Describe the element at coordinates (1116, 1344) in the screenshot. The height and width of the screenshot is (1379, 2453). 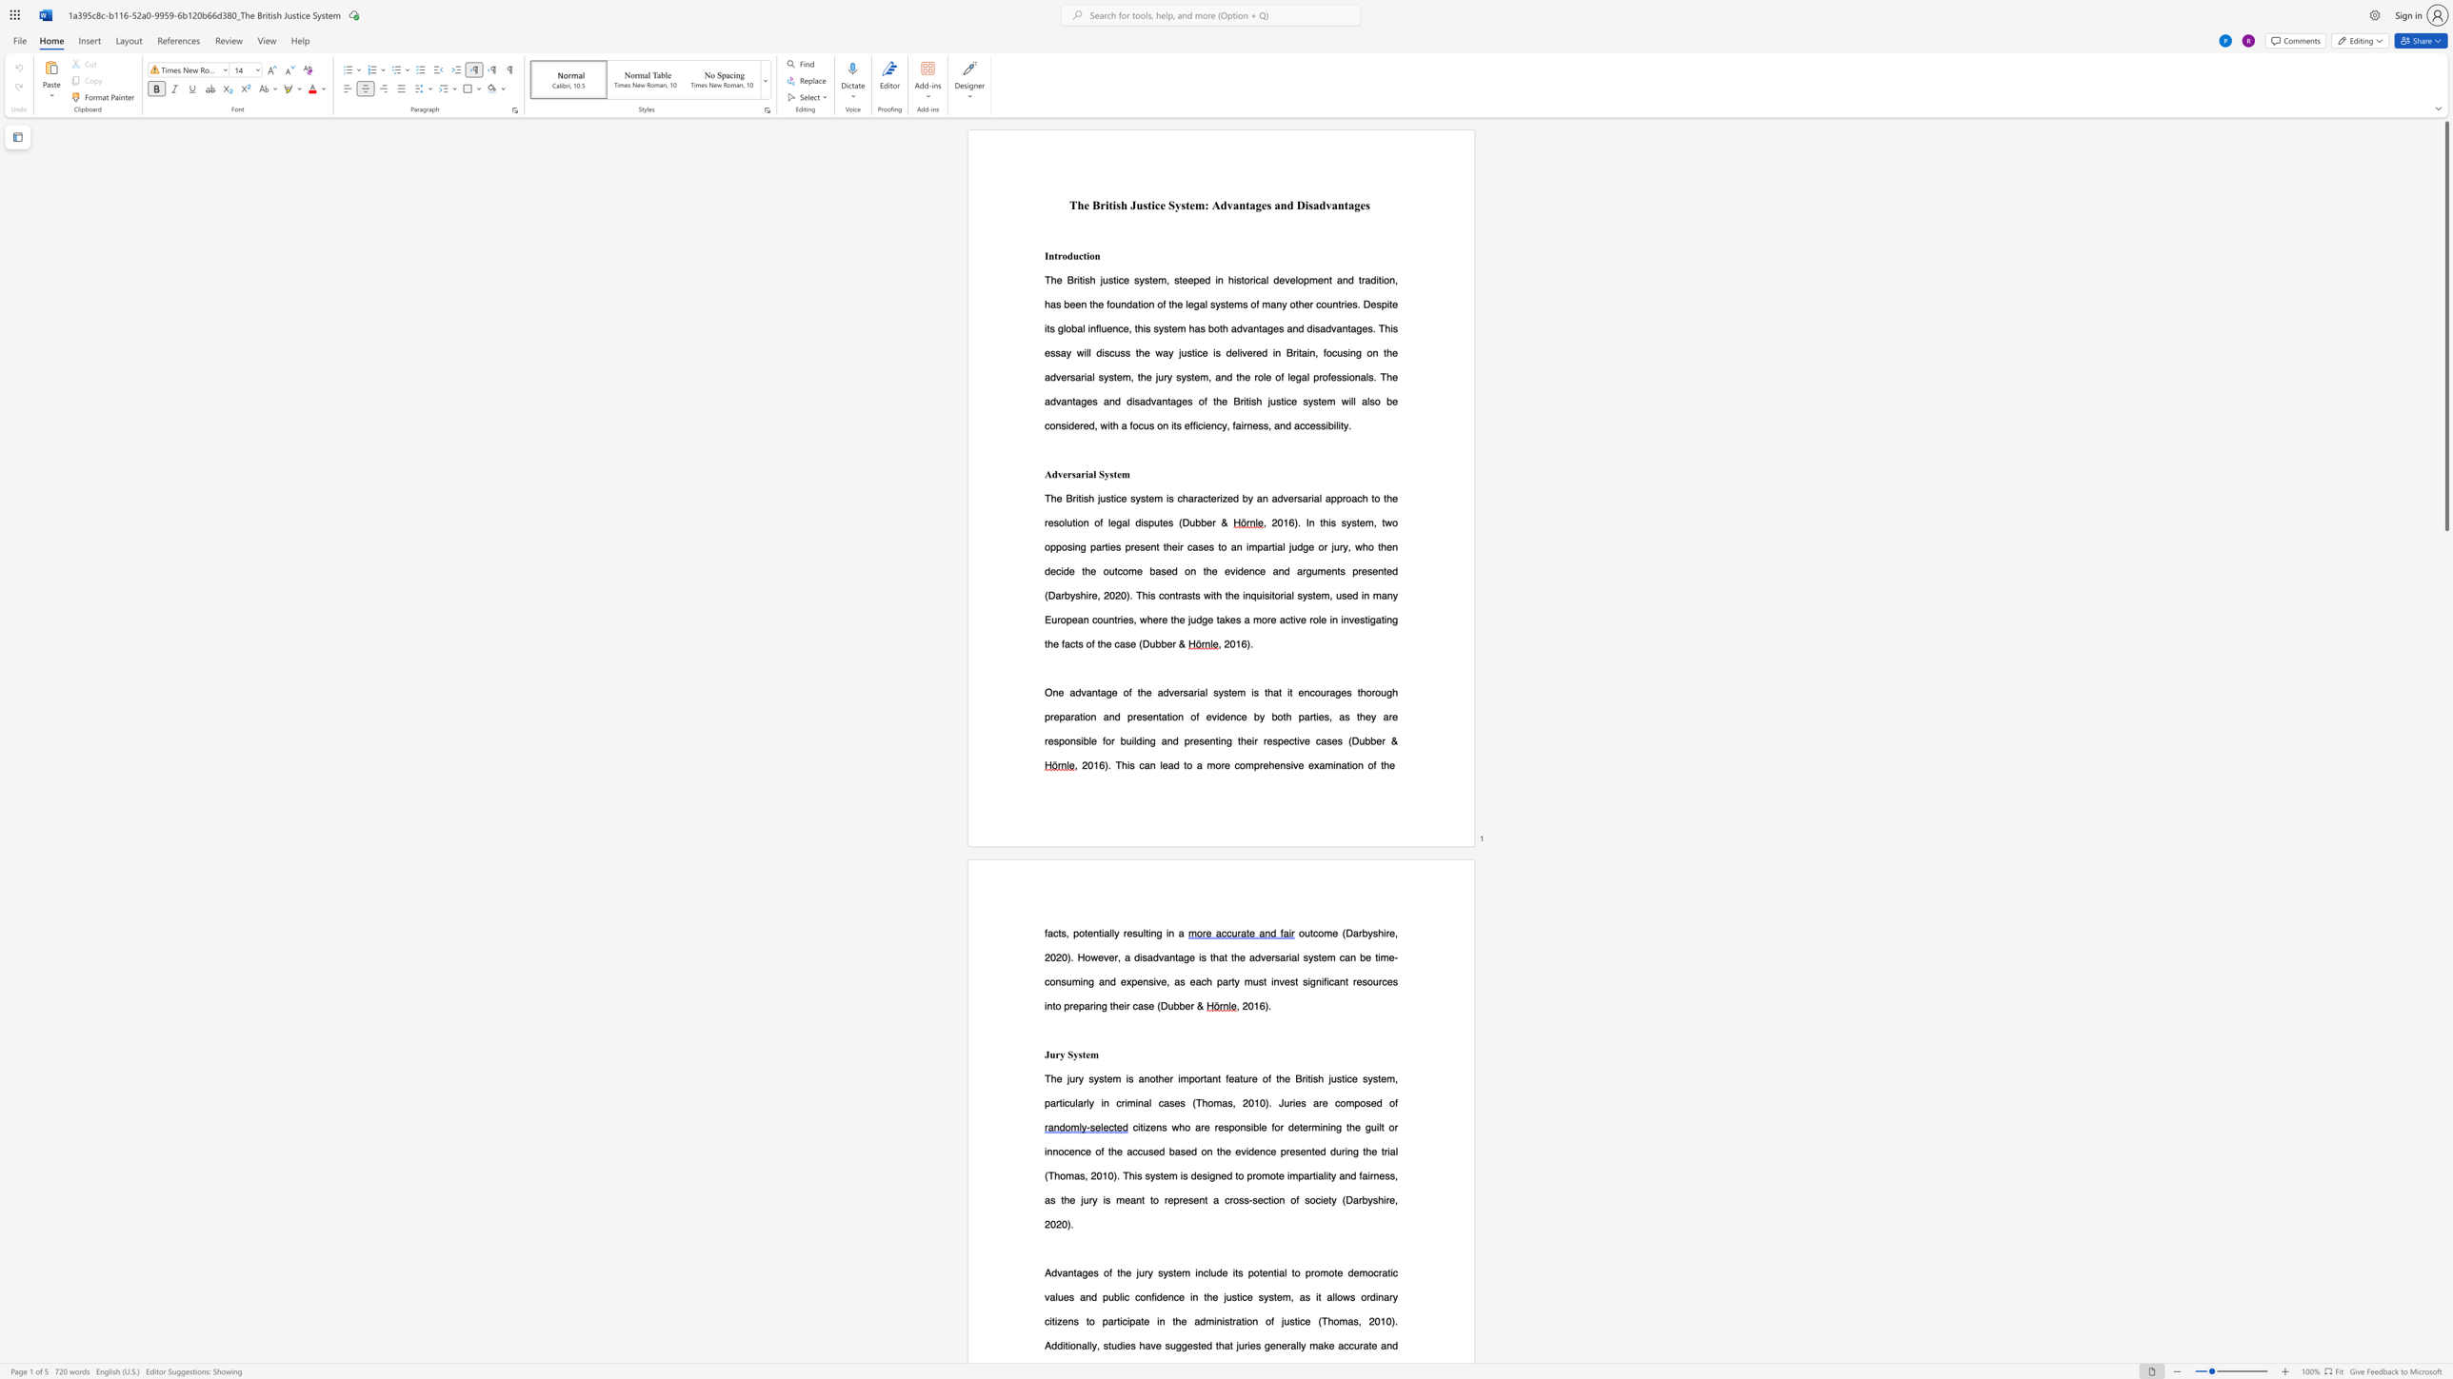
I see `the subset text "dies hav" within the text "in the administration of justice (Thomas, 2010). Additionally, studies have suggested that juries"` at that location.